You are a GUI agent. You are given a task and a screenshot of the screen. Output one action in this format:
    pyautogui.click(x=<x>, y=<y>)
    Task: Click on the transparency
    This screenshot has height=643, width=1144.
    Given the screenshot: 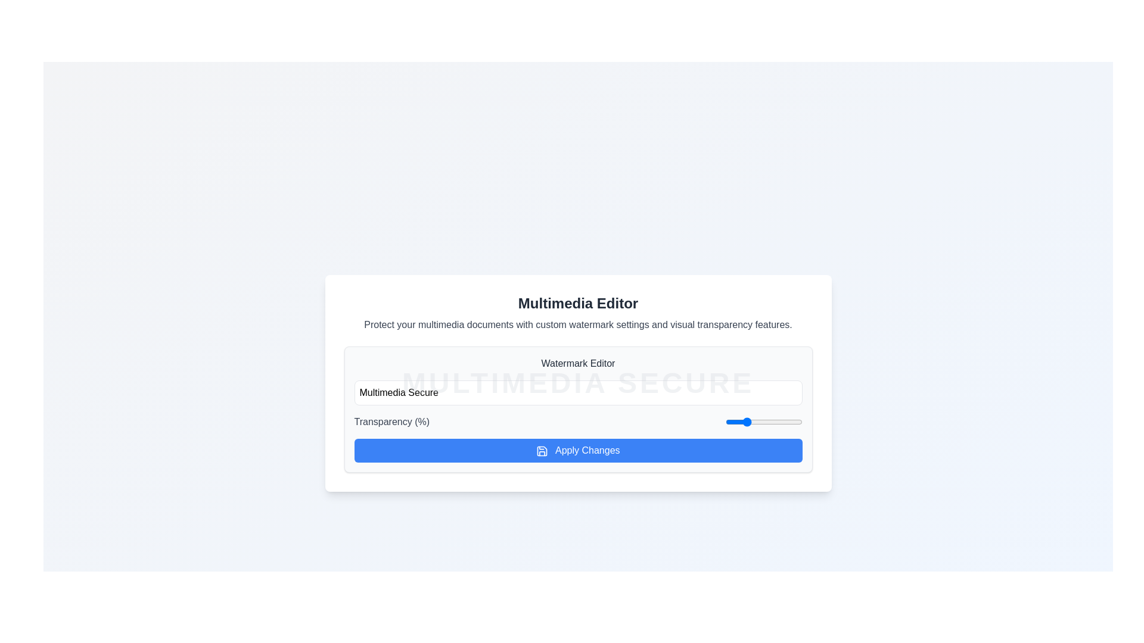 What is the action you would take?
    pyautogui.click(x=799, y=422)
    